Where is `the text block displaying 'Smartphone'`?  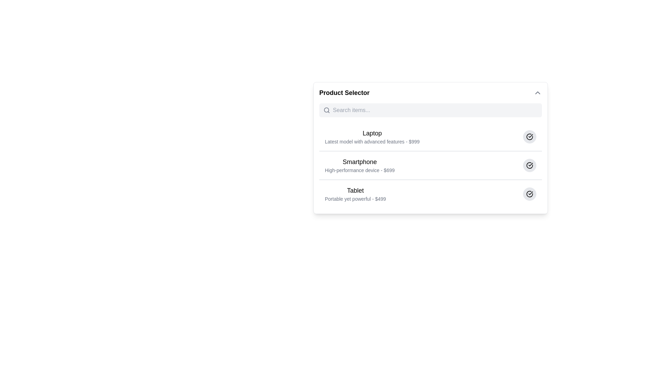
the text block displaying 'Smartphone' is located at coordinates (360, 165).